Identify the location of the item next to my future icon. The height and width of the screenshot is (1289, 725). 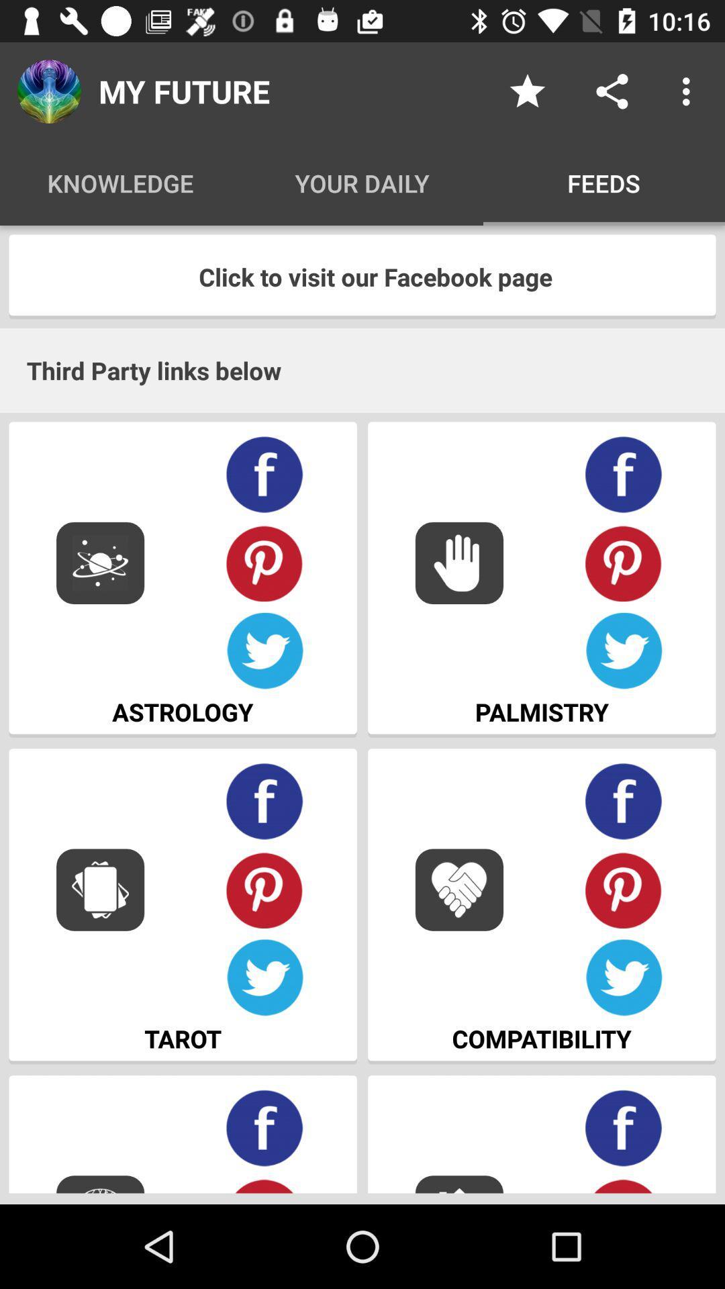
(527, 91).